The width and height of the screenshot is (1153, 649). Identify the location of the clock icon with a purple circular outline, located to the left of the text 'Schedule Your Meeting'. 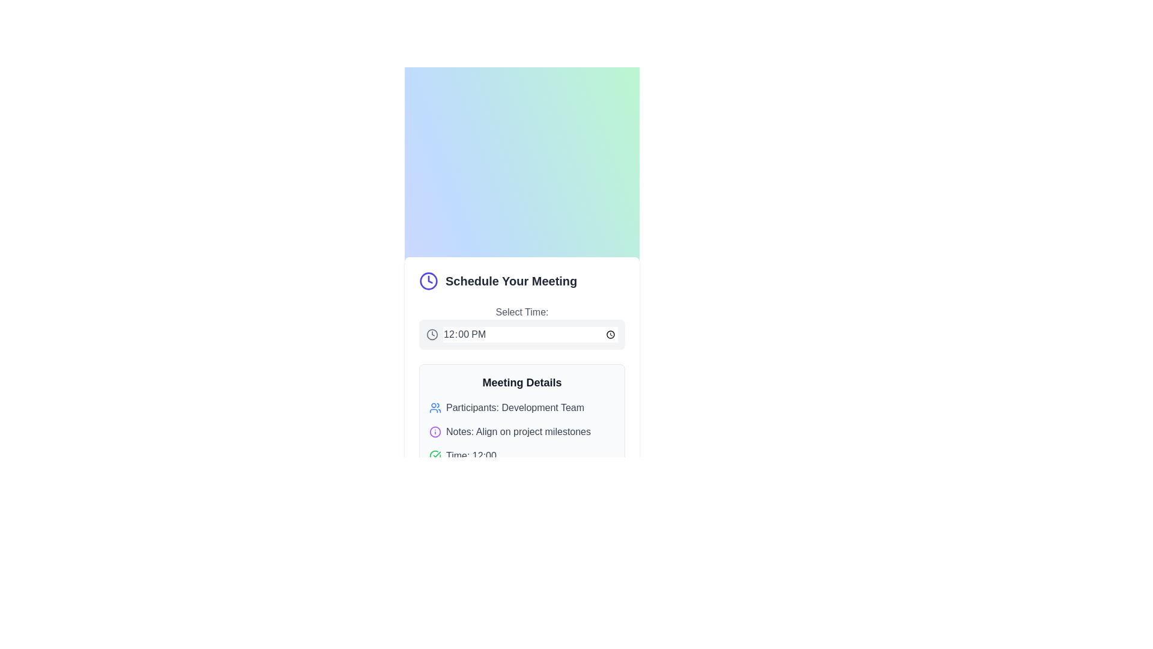
(429, 281).